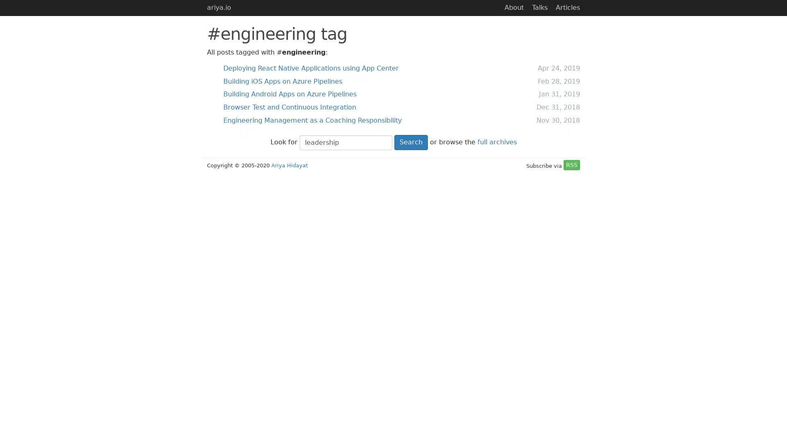 This screenshot has width=787, height=443. What do you see at coordinates (411, 142) in the screenshot?
I see `Search` at bounding box center [411, 142].